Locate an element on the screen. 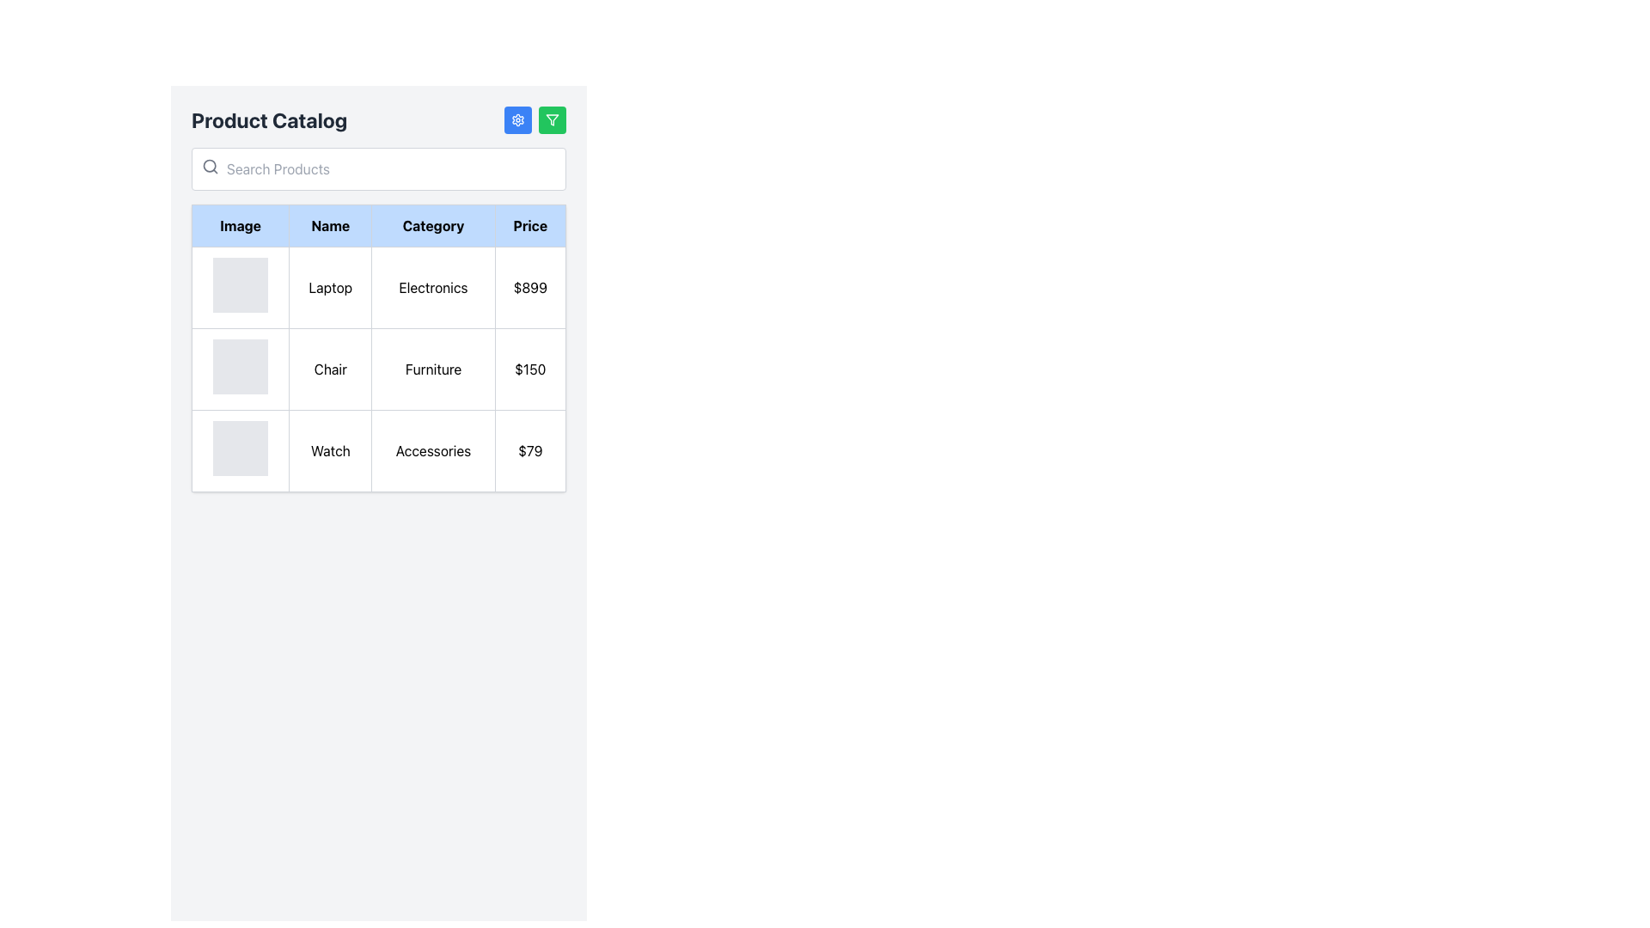 This screenshot has width=1650, height=928. the 'Watch' product category label is located at coordinates (433, 449).